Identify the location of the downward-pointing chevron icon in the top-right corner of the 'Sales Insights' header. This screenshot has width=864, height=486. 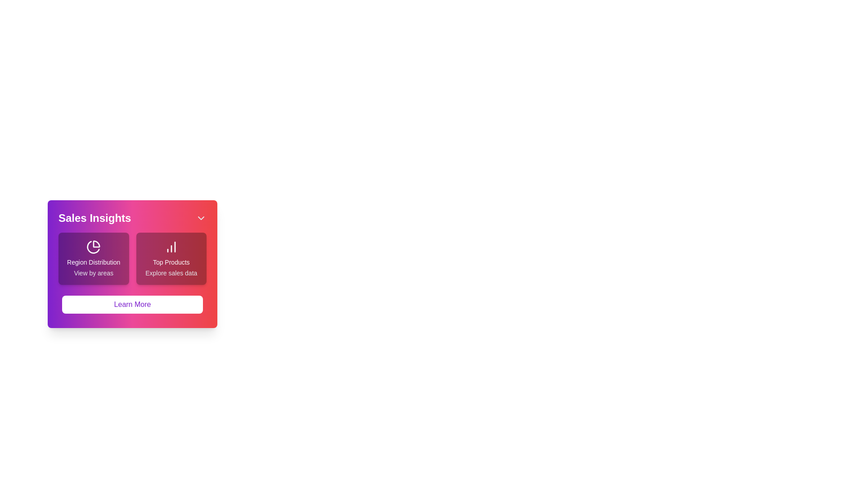
(200, 218).